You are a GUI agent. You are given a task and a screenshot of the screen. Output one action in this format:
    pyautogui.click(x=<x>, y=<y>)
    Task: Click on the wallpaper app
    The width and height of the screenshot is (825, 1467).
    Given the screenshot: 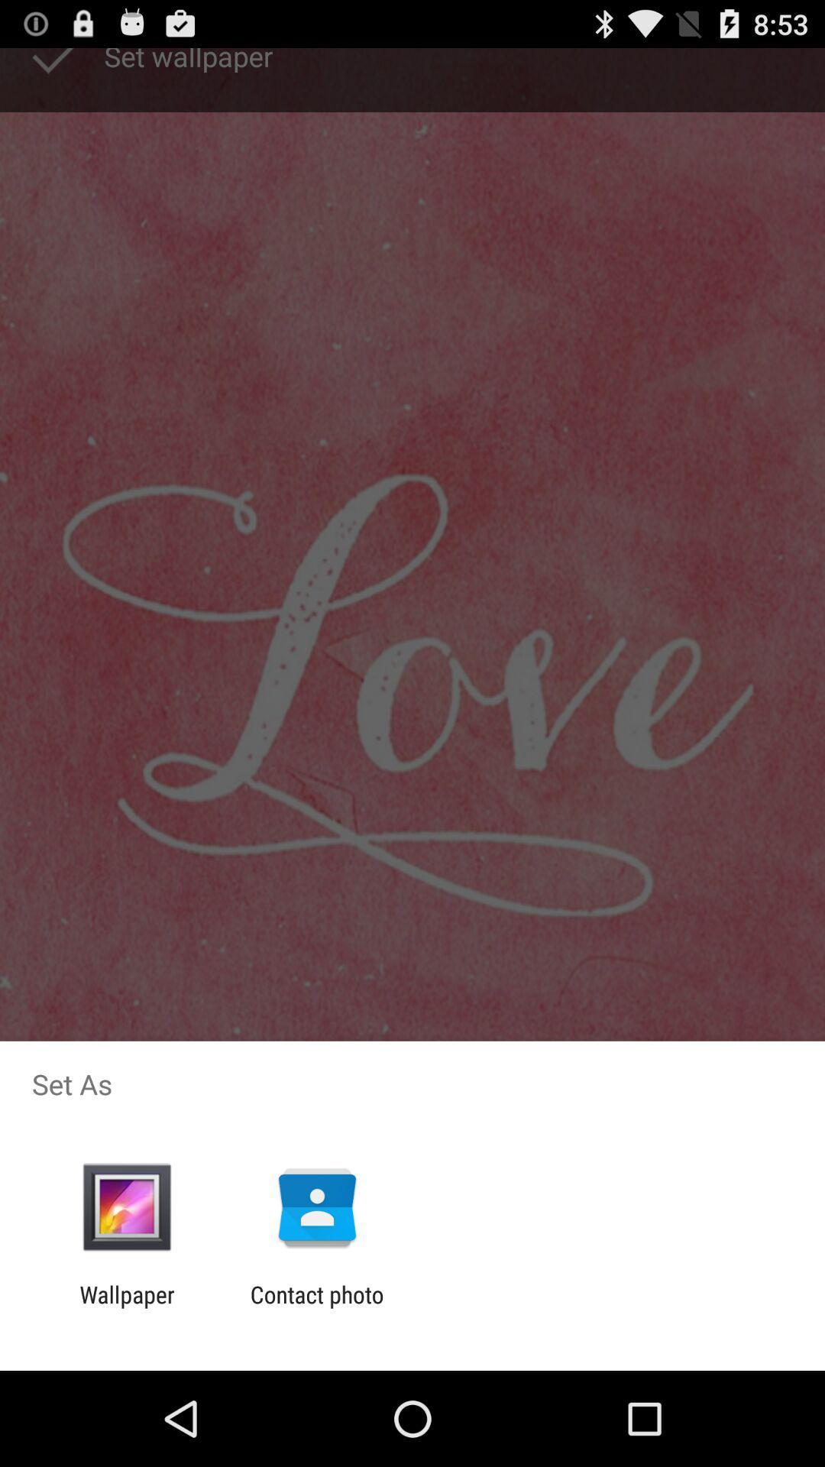 What is the action you would take?
    pyautogui.click(x=126, y=1307)
    